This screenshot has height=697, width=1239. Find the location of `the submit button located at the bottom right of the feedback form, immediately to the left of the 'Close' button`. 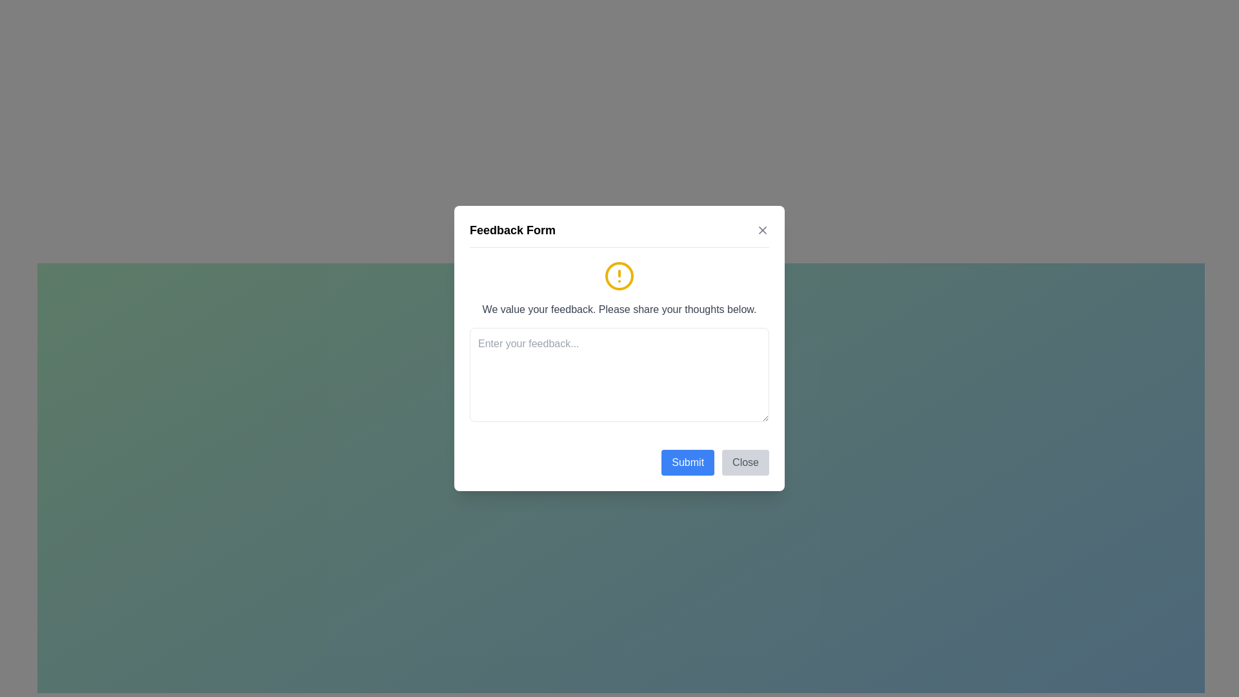

the submit button located at the bottom right of the feedback form, immediately to the left of the 'Close' button is located at coordinates (687, 462).